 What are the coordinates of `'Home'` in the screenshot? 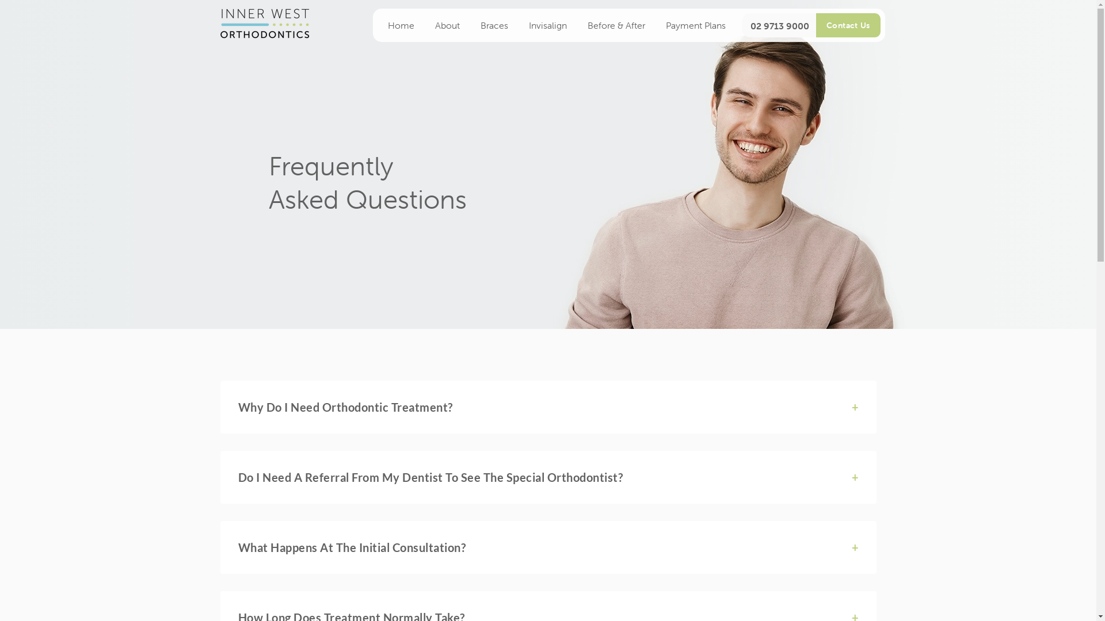 It's located at (401, 25).